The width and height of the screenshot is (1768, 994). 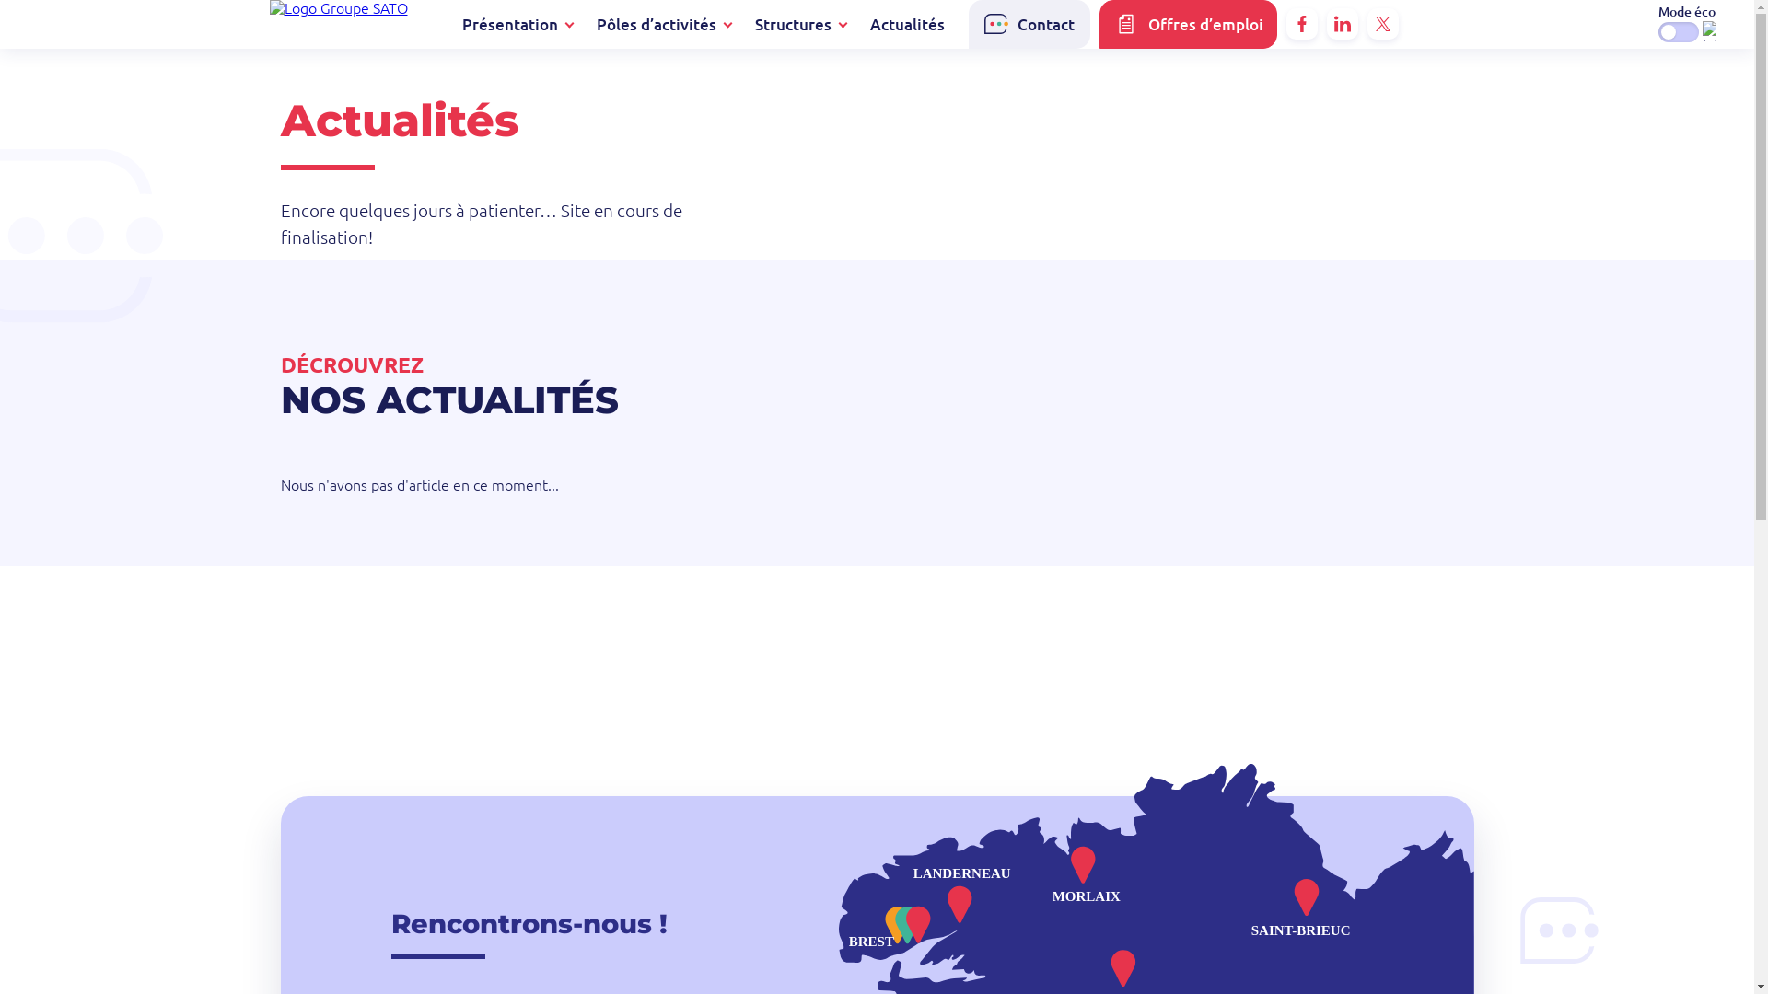 What do you see at coordinates (1285, 24) in the screenshot?
I see `'Facebook'` at bounding box center [1285, 24].